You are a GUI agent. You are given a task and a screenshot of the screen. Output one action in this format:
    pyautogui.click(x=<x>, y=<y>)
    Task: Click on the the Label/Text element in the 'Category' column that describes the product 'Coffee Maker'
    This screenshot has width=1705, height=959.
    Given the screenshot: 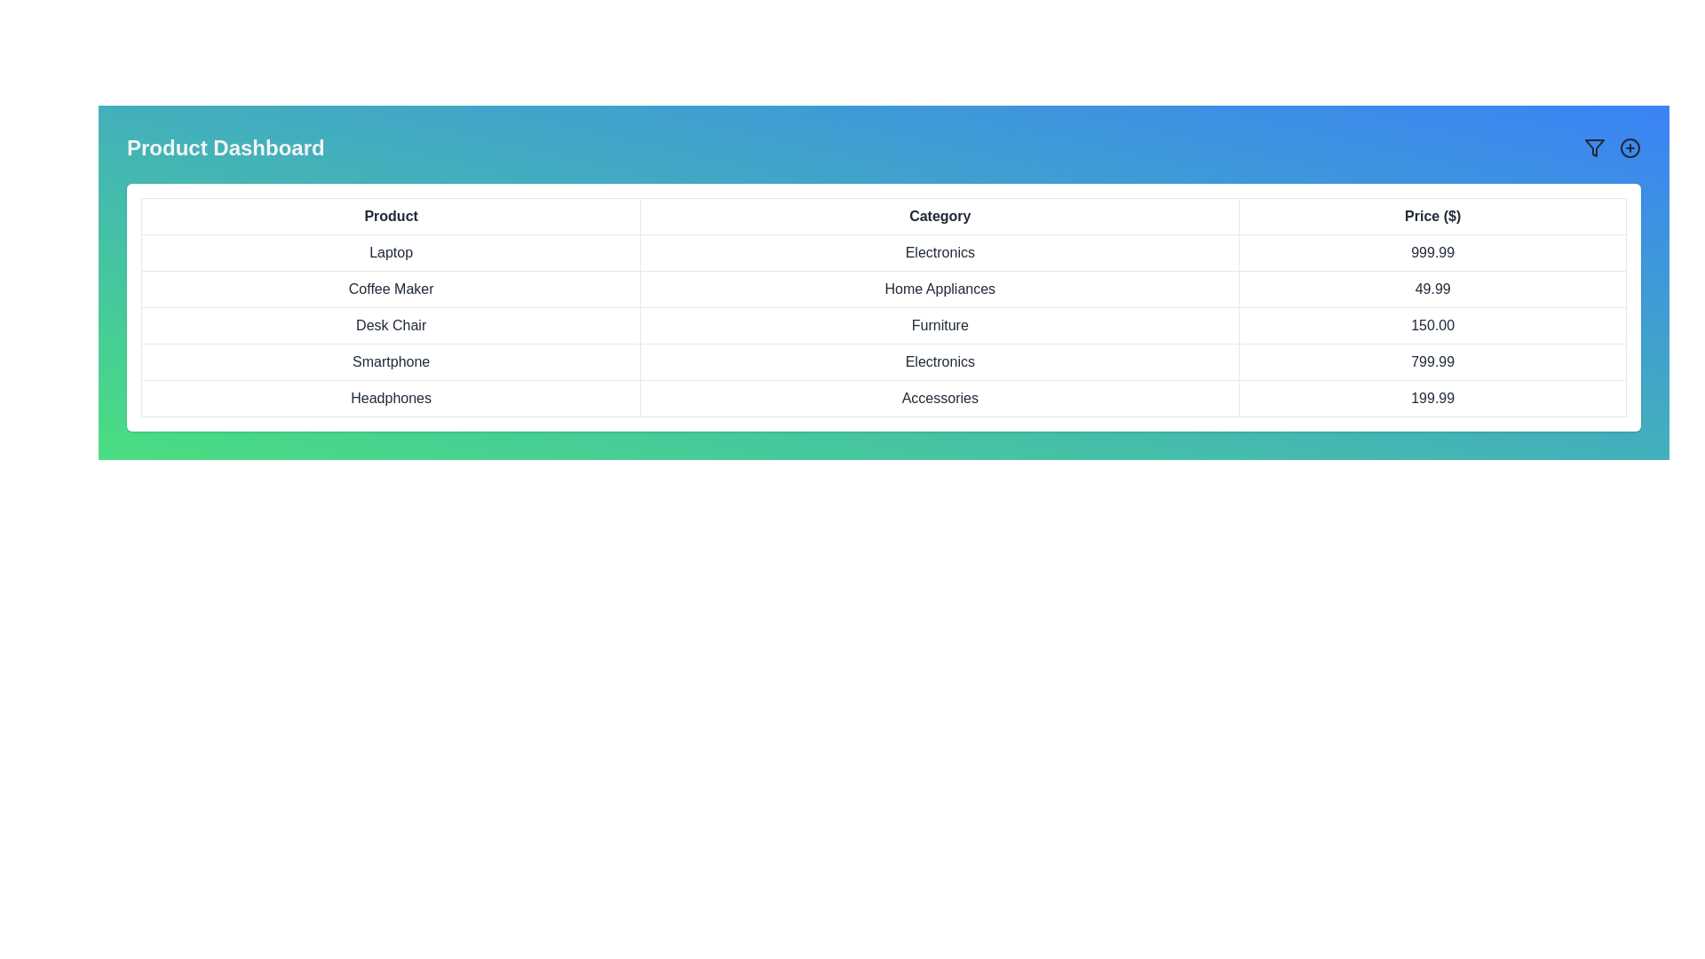 What is the action you would take?
    pyautogui.click(x=939, y=289)
    